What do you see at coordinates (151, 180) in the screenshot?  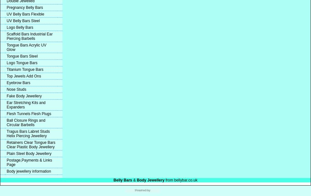 I see `'Body Jewellery'` at bounding box center [151, 180].